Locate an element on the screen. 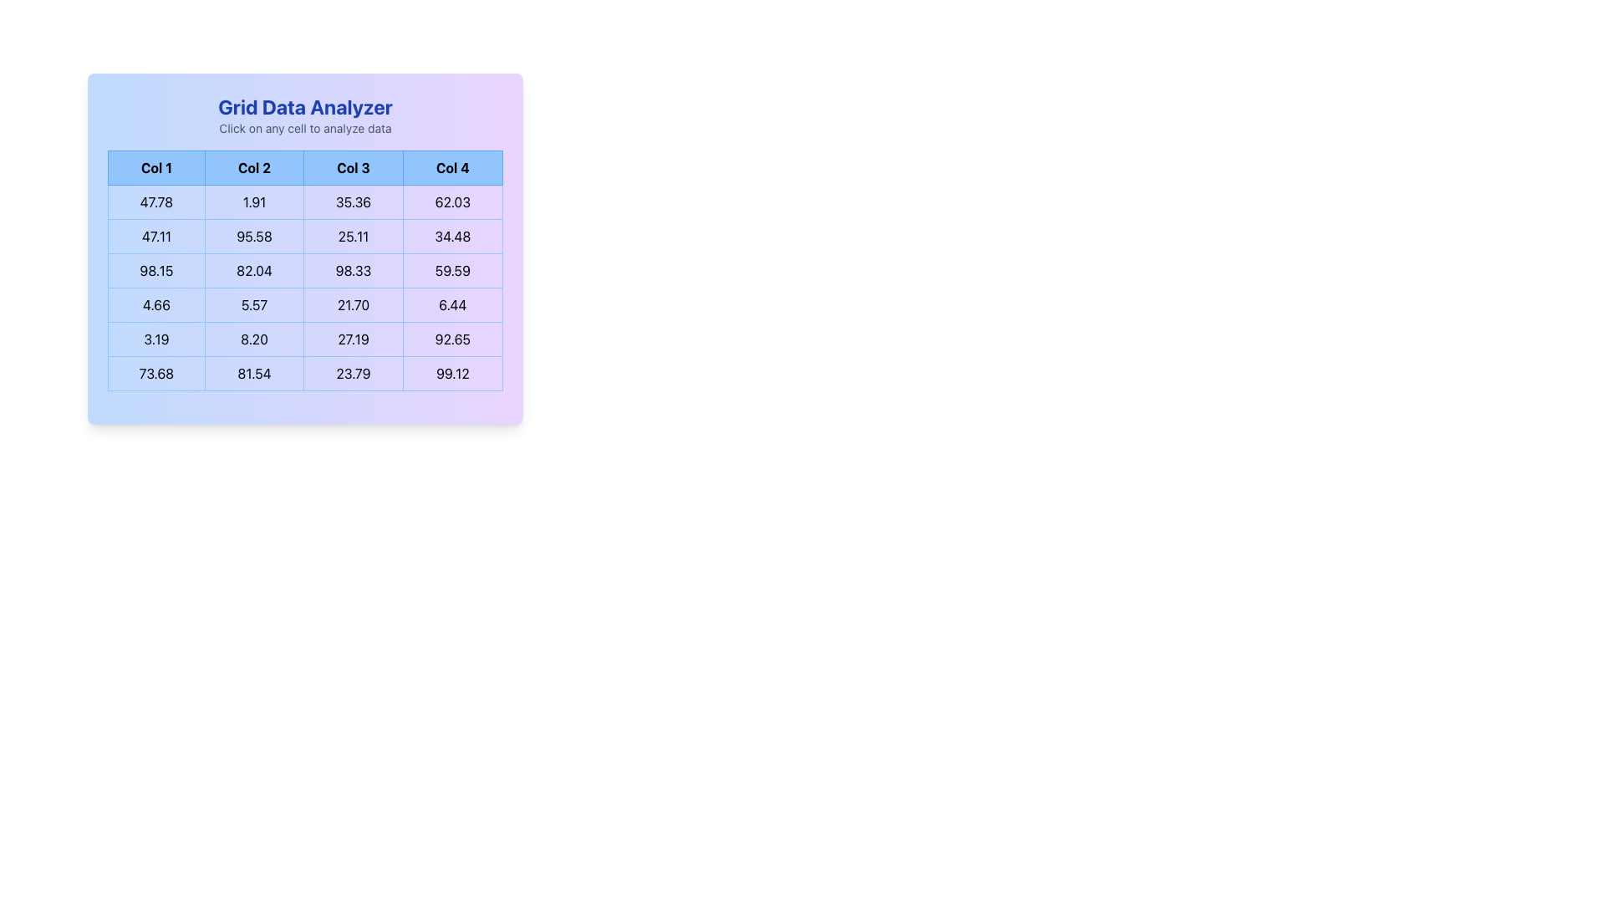 The width and height of the screenshot is (1605, 903). numerical values from the third row of the table, which contains four cells aligned with columns 1 through 4 is located at coordinates (305, 270).